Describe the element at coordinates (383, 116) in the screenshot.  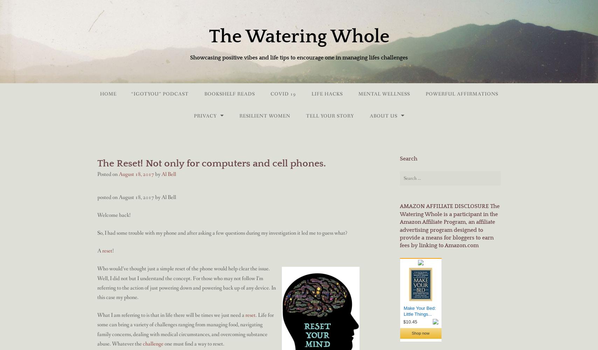
I see `'About Us'` at that location.